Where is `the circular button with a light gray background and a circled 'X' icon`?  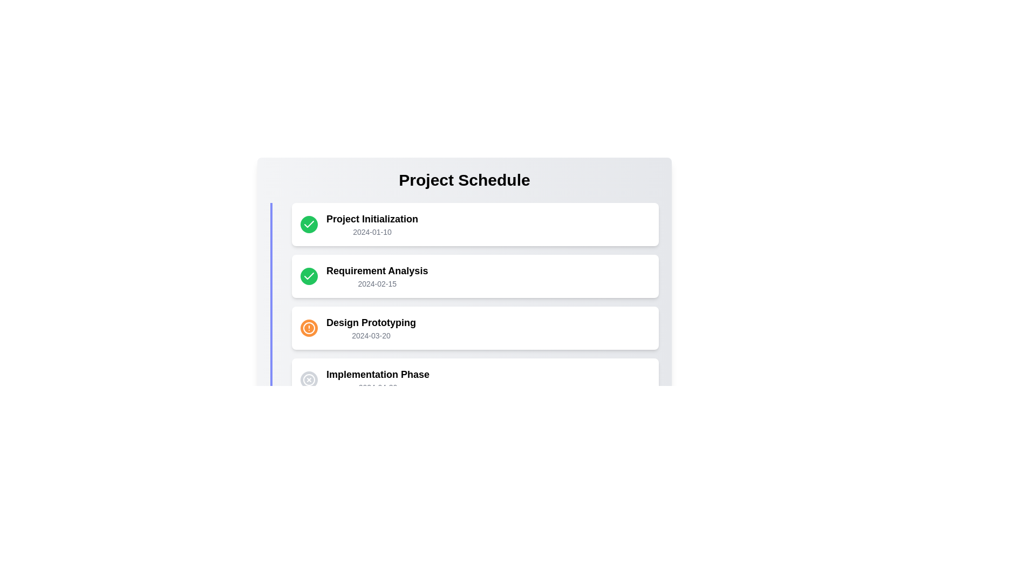 the circular button with a light gray background and a circled 'X' icon is located at coordinates (308, 379).